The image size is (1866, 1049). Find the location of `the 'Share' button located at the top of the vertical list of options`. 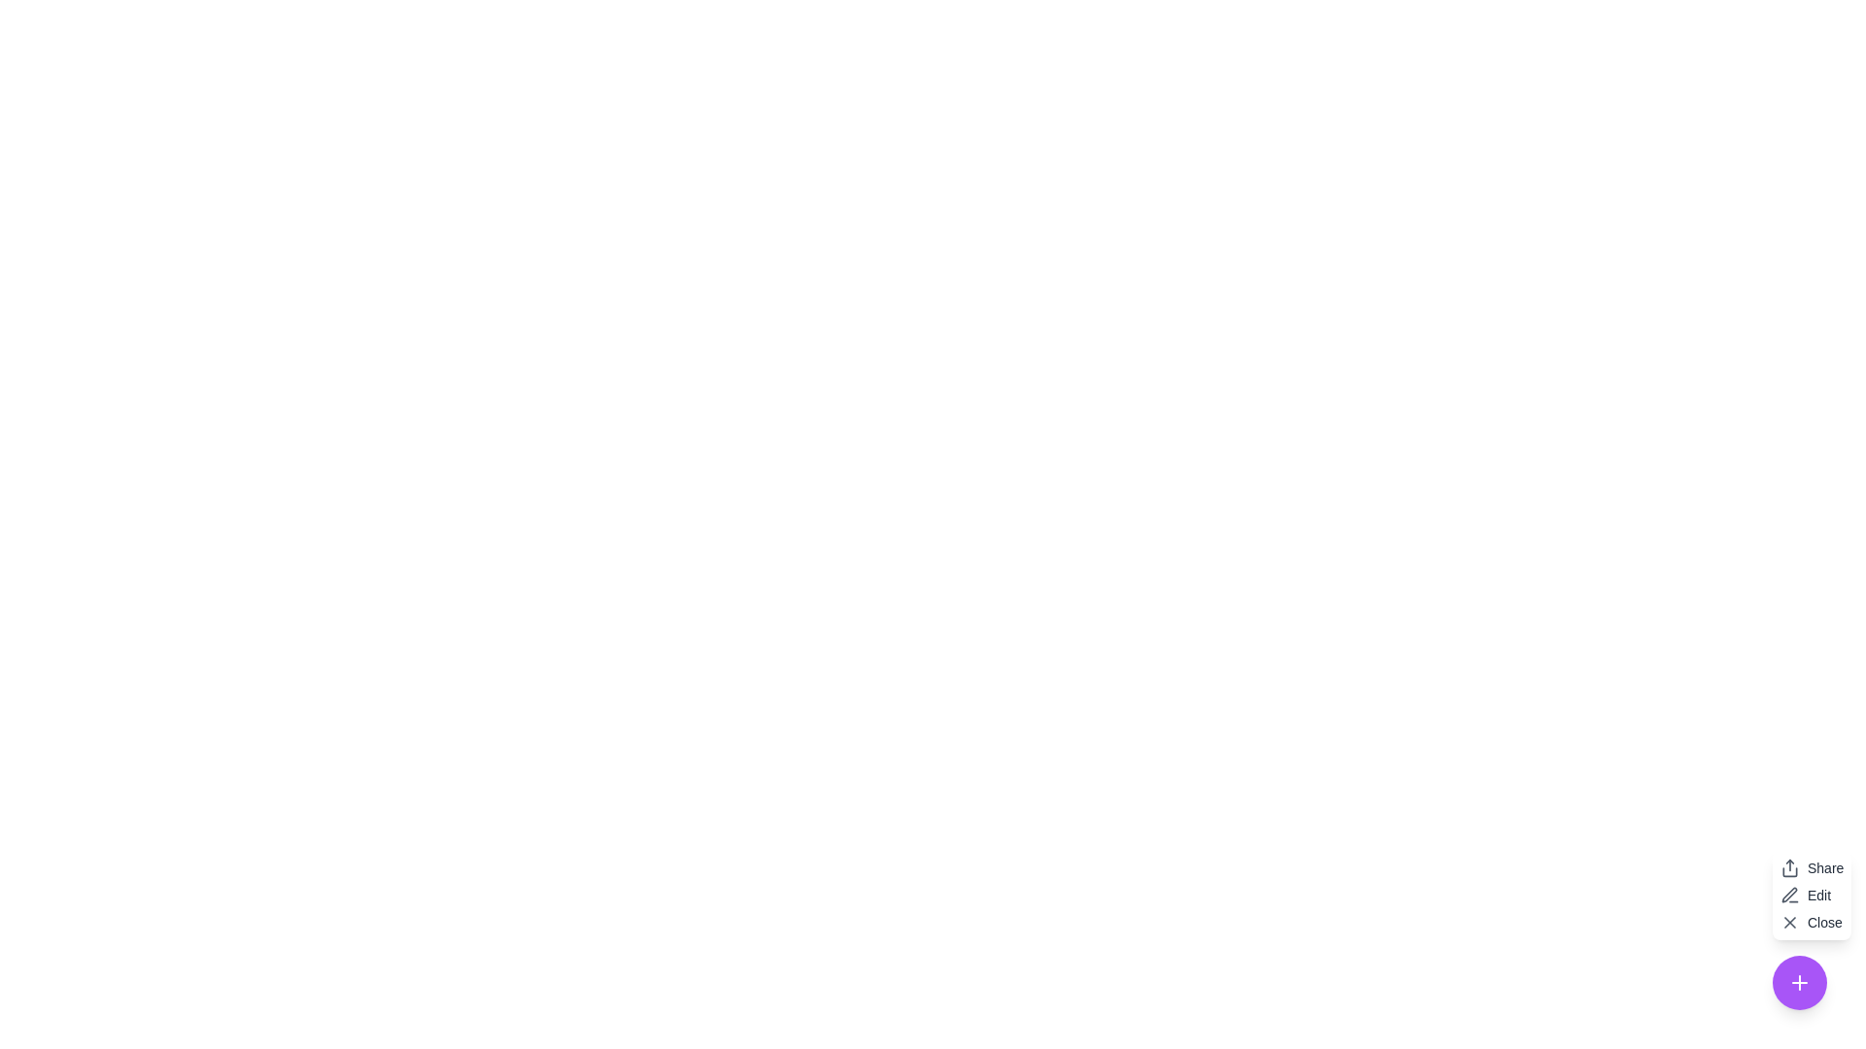

the 'Share' button located at the top of the vertical list of options is located at coordinates (1811, 867).